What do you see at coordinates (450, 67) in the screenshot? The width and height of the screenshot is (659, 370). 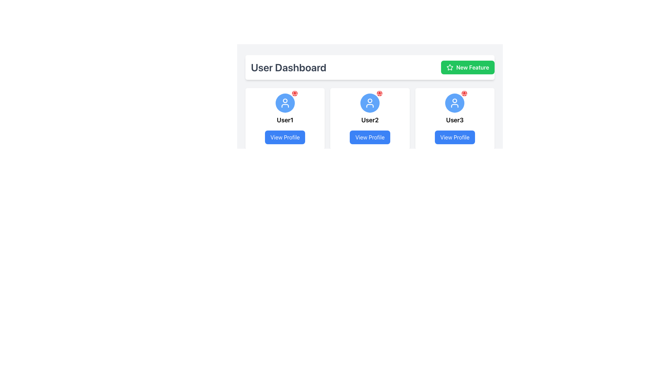 I see `the decorative icon for the 'New Feature' button located in the top-right corner of the page, which signifies importance` at bounding box center [450, 67].